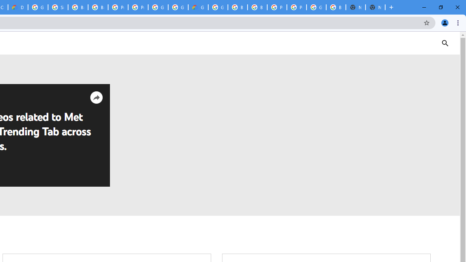 This screenshot has width=466, height=262. What do you see at coordinates (58, 7) in the screenshot?
I see `'Sign in - Google Accounts'` at bounding box center [58, 7].